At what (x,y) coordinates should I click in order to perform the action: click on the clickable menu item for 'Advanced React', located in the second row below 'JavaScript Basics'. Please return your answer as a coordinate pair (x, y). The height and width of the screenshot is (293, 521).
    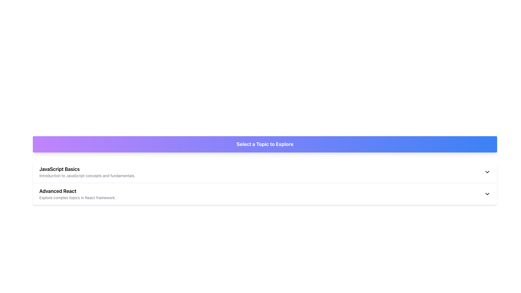
    Looking at the image, I should click on (77, 193).